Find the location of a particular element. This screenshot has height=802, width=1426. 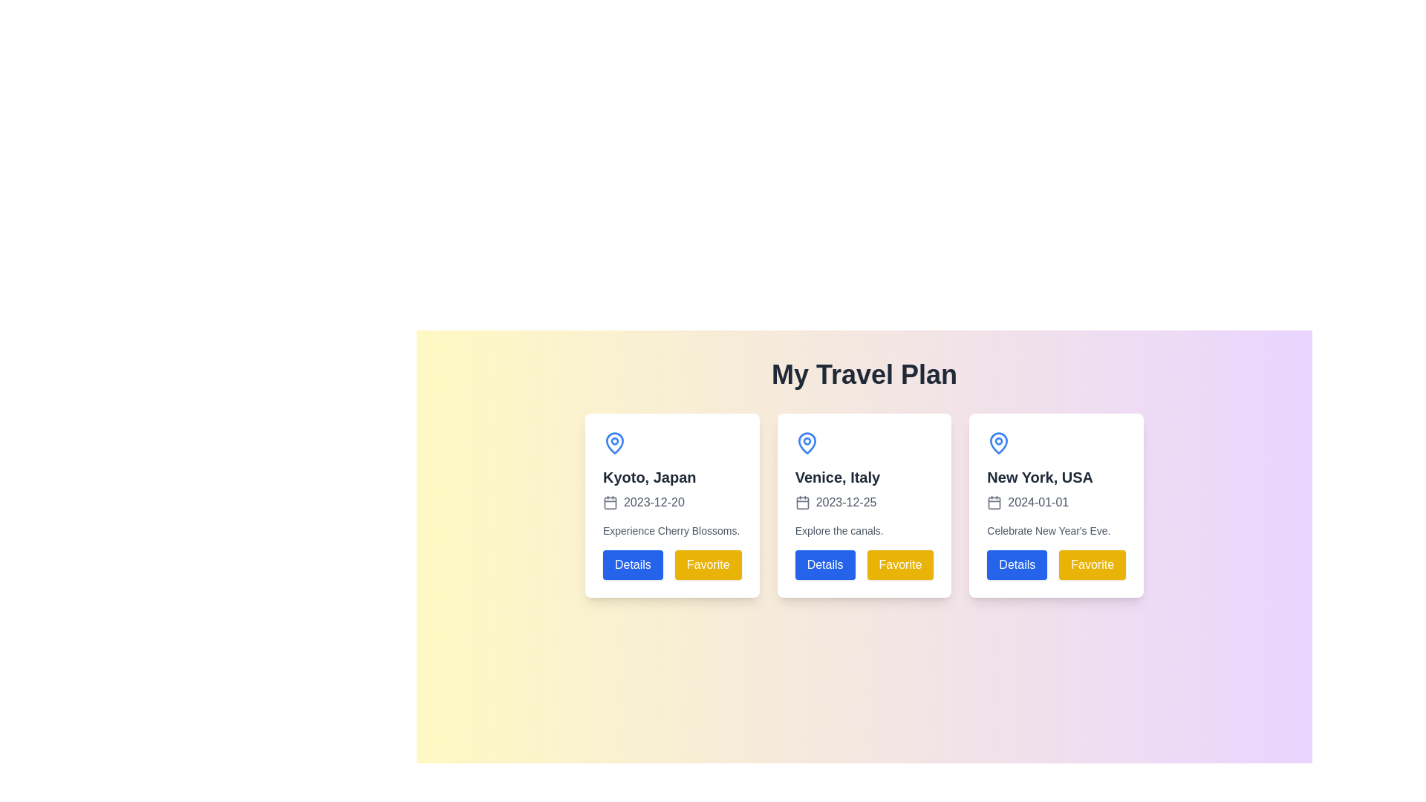

the text component displaying 'Experience Cherry Blossoms.' which is styled in small gray font and located in the card for 'Kyoto, Japan', positioned below the date '2023-12-20' and above the 'Details' and 'Favorite' buttons is located at coordinates (671, 529).